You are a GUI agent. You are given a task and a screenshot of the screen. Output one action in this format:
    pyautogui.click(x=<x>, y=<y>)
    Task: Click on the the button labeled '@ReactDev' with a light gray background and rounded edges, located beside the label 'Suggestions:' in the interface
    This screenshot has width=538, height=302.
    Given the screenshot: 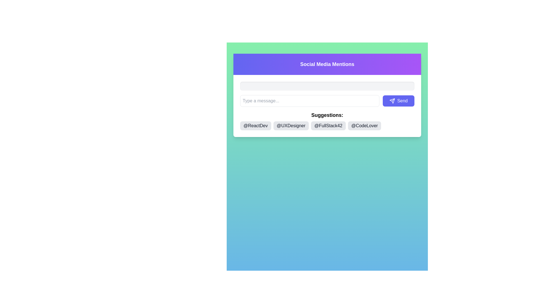 What is the action you would take?
    pyautogui.click(x=255, y=126)
    